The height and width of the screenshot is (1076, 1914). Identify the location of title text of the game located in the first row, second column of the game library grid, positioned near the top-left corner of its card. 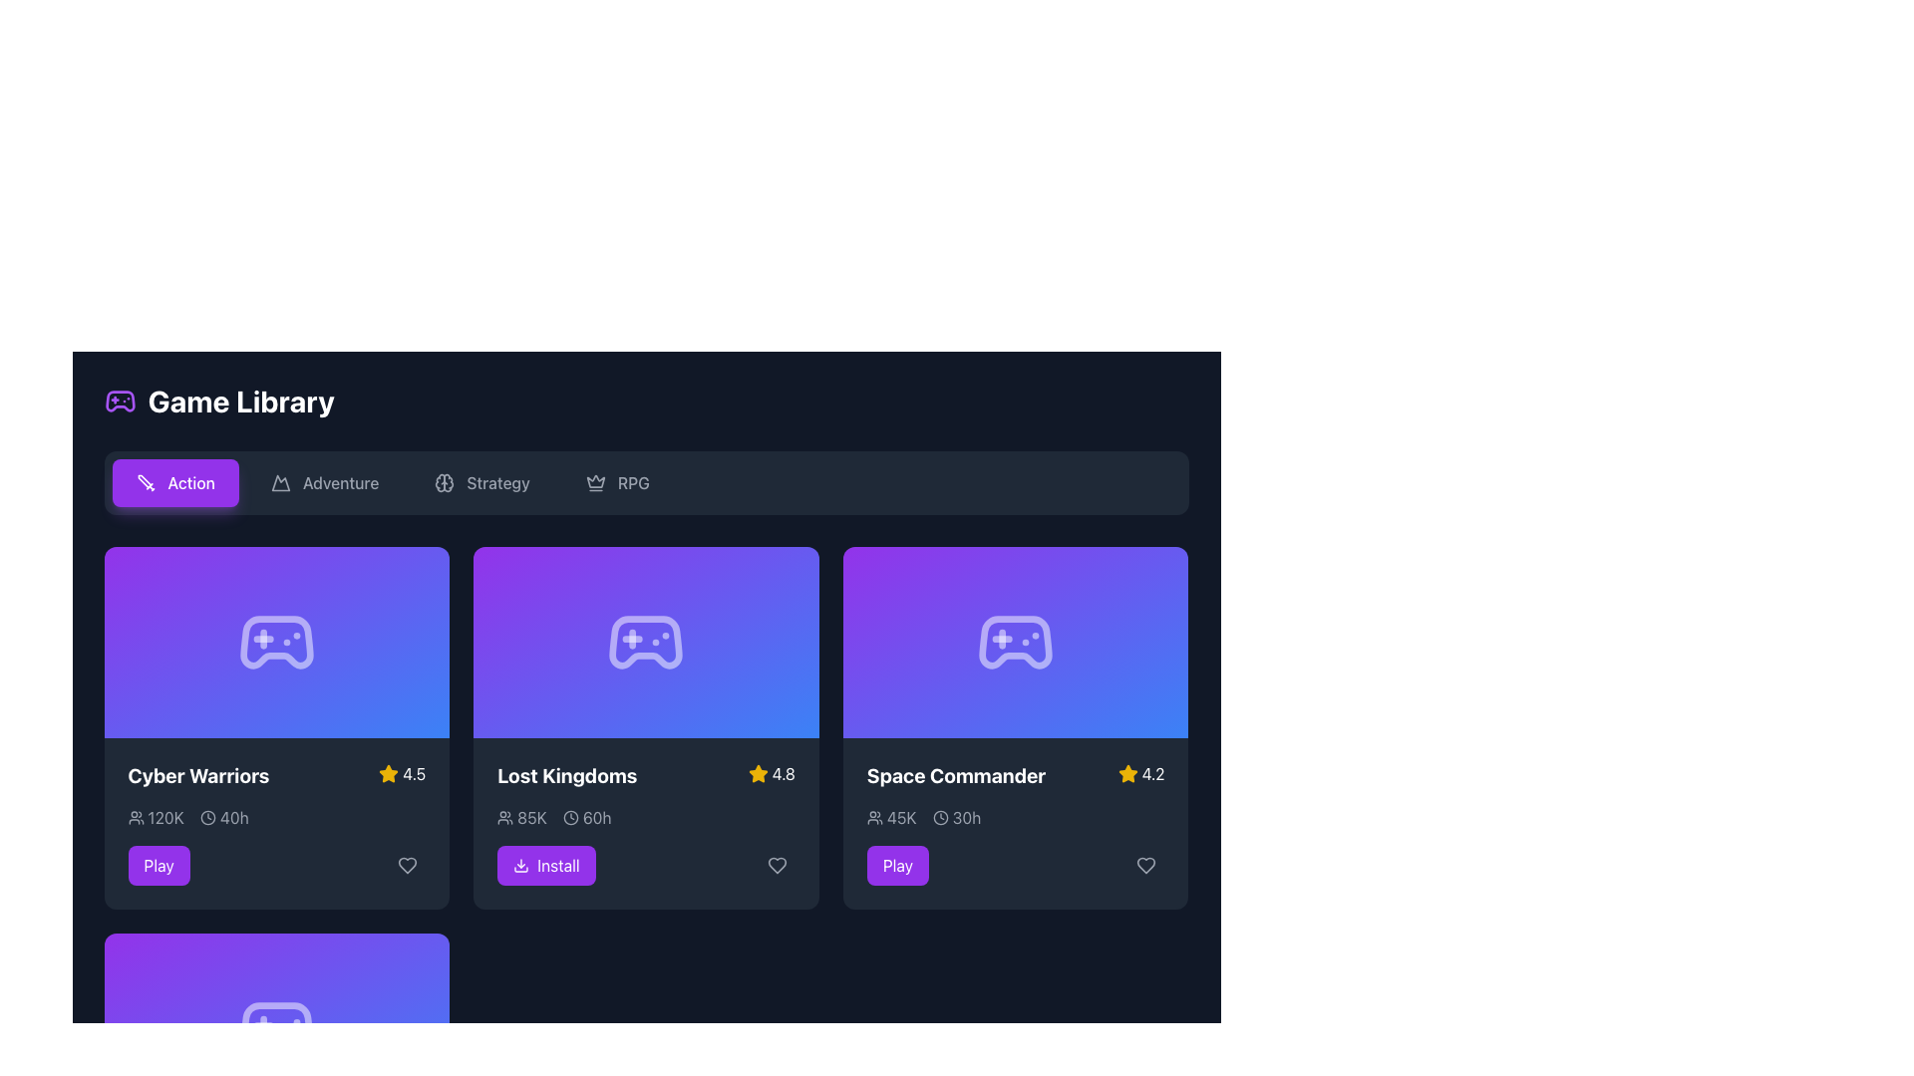
(566, 775).